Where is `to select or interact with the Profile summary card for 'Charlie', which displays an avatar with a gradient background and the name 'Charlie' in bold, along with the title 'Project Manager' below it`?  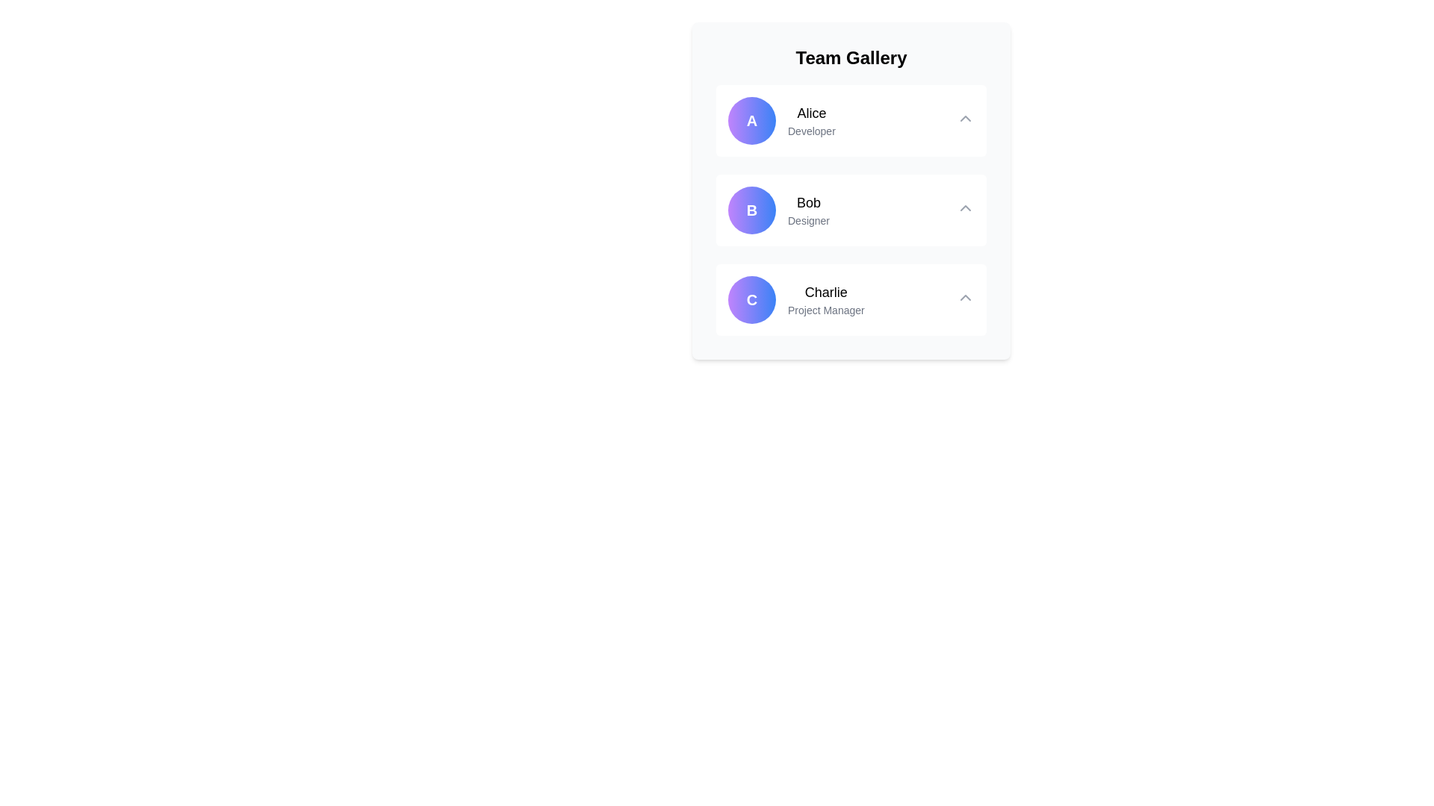 to select or interact with the Profile summary card for 'Charlie', which displays an avatar with a gradient background and the name 'Charlie' in bold, along with the title 'Project Manager' below it is located at coordinates (795, 299).